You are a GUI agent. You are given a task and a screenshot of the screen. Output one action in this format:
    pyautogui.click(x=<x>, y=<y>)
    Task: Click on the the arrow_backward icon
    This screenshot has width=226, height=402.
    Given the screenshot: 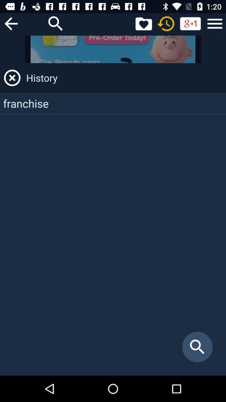 What is the action you would take?
    pyautogui.click(x=10, y=23)
    